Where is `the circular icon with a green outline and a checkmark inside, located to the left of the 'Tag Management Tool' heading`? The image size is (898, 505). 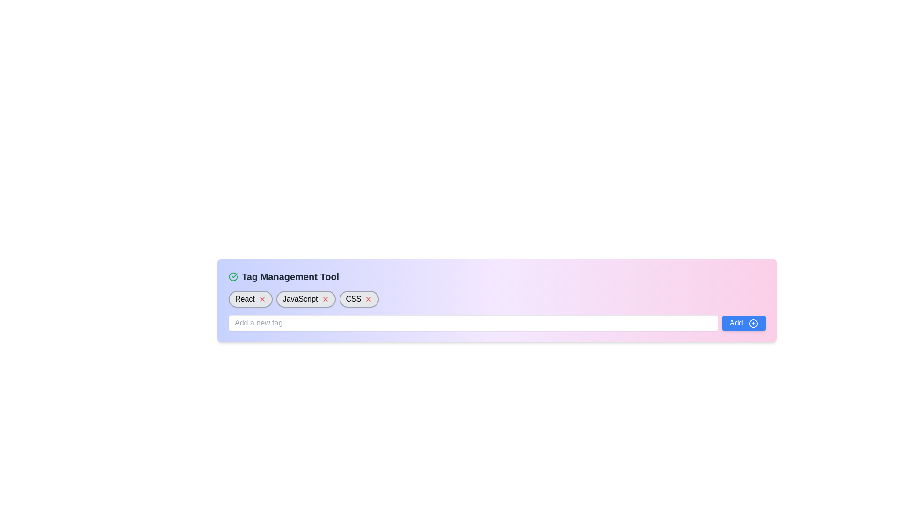 the circular icon with a green outline and a checkmark inside, located to the left of the 'Tag Management Tool' heading is located at coordinates (233, 276).